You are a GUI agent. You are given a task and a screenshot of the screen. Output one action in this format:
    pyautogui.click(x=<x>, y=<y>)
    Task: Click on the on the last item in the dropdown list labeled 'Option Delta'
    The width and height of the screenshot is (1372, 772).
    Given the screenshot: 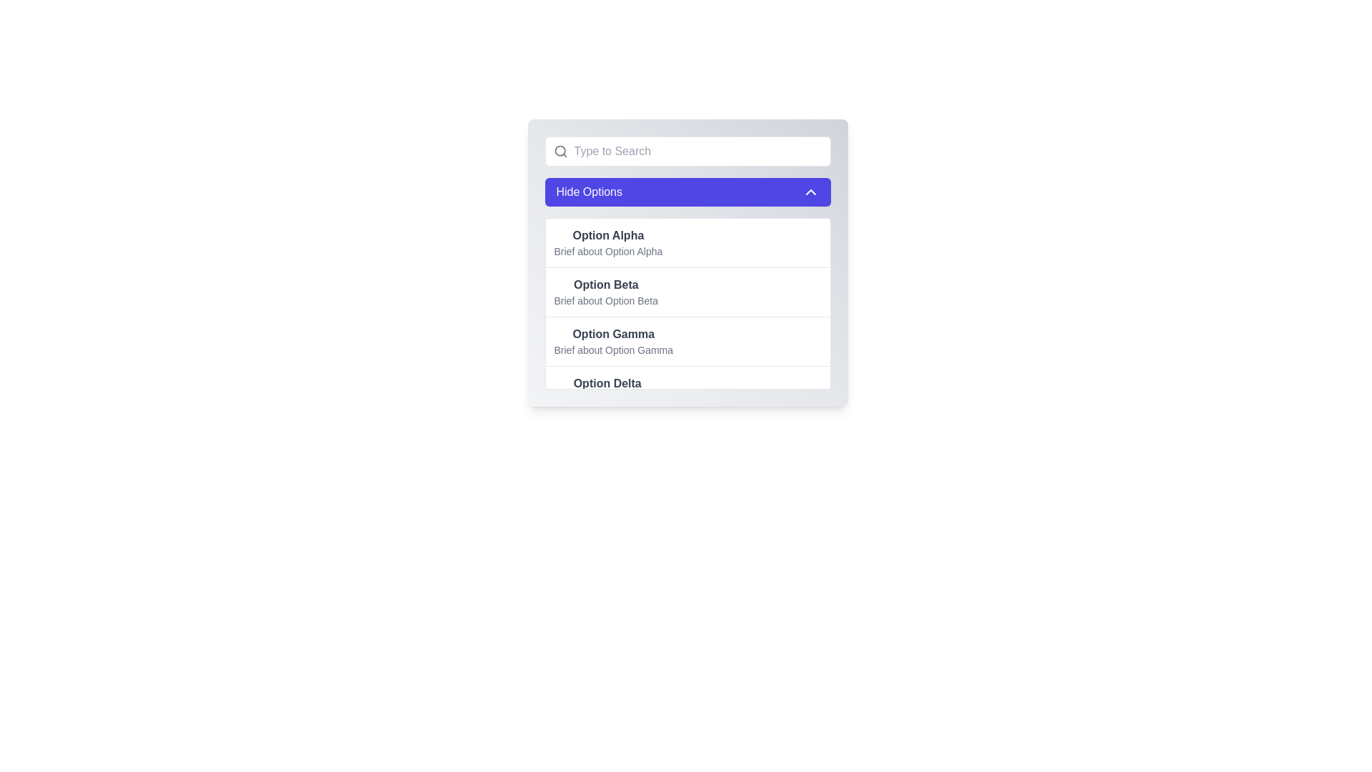 What is the action you would take?
    pyautogui.click(x=607, y=391)
    